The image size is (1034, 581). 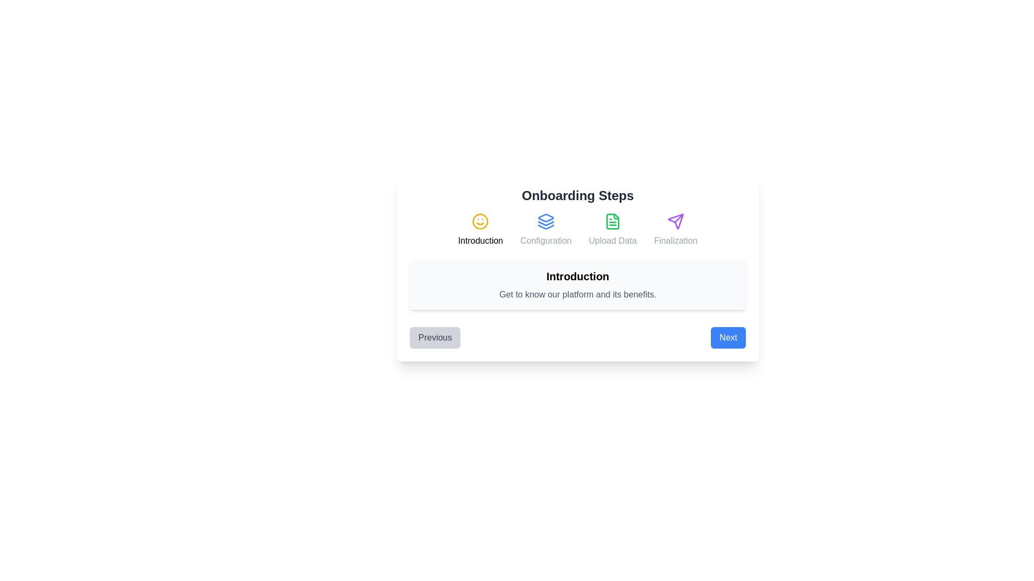 I want to click on the 'Previous' button with a gray background and rounded corners, so click(x=435, y=337).